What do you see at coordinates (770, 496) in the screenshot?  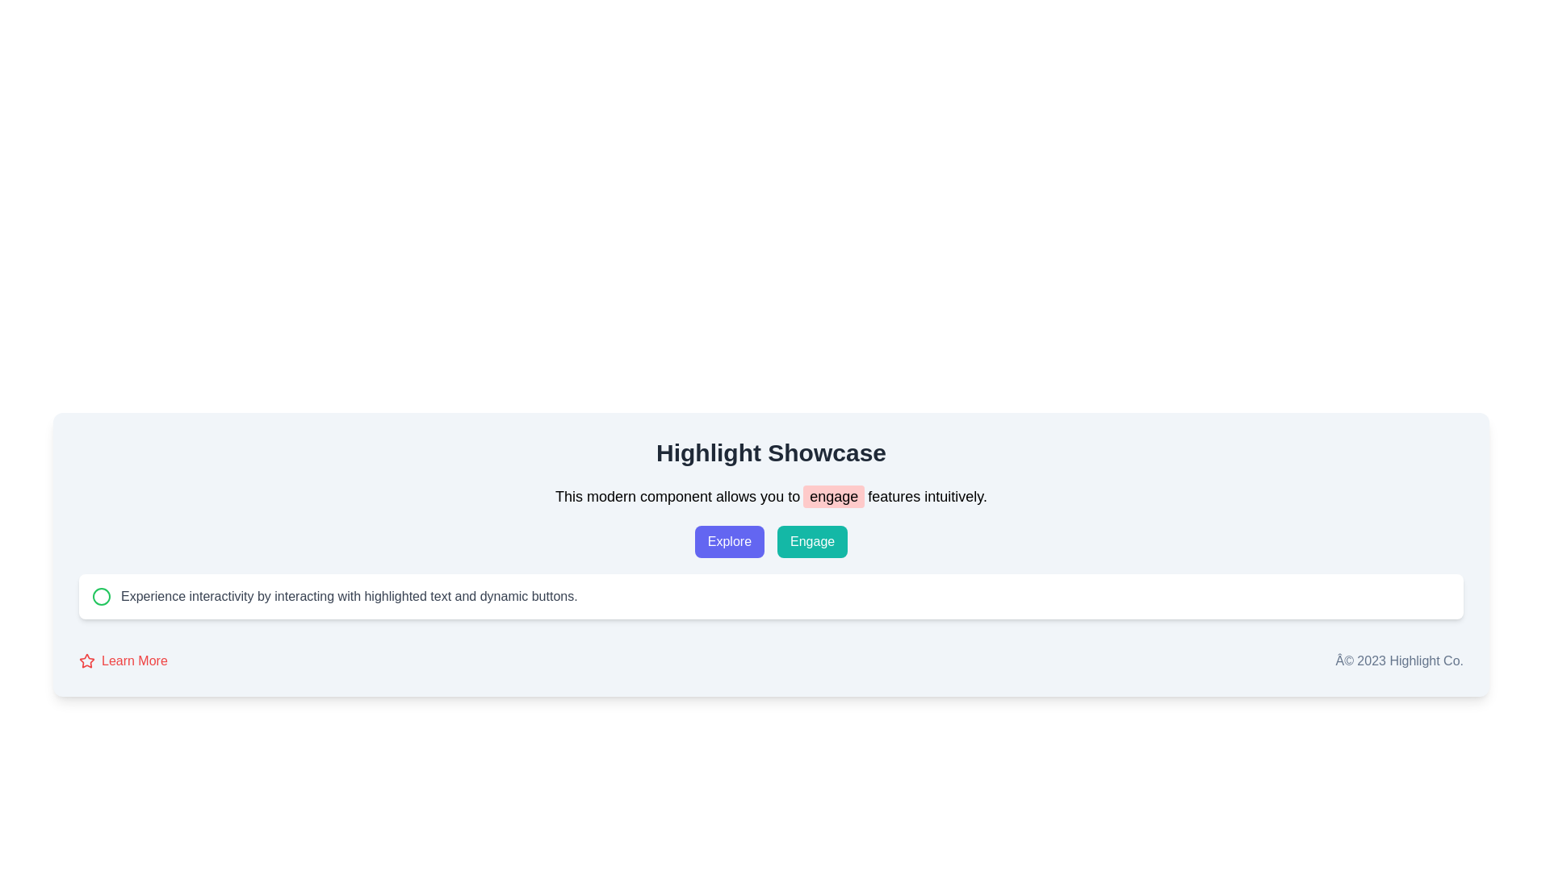 I see `the text that reads 'This modern component allows you to engage features intuitively', located underneath the title 'Highlight Showcase'` at bounding box center [770, 496].